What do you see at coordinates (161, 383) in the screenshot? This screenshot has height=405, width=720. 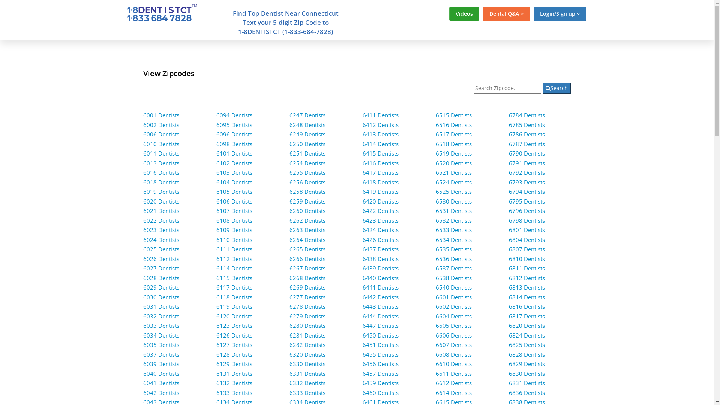 I see `'6041 Dentists'` at bounding box center [161, 383].